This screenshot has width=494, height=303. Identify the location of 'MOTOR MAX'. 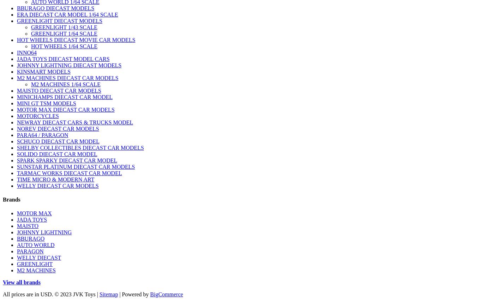
(34, 213).